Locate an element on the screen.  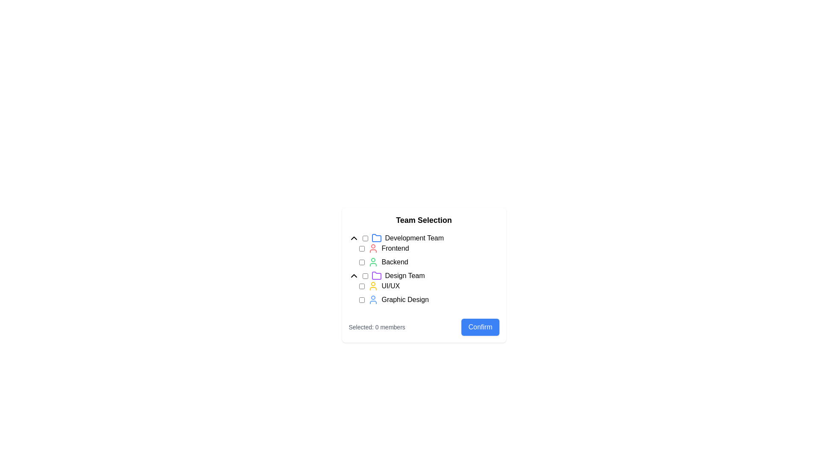
the checkbox located next to the 'Development Team' label is located at coordinates (365, 238).